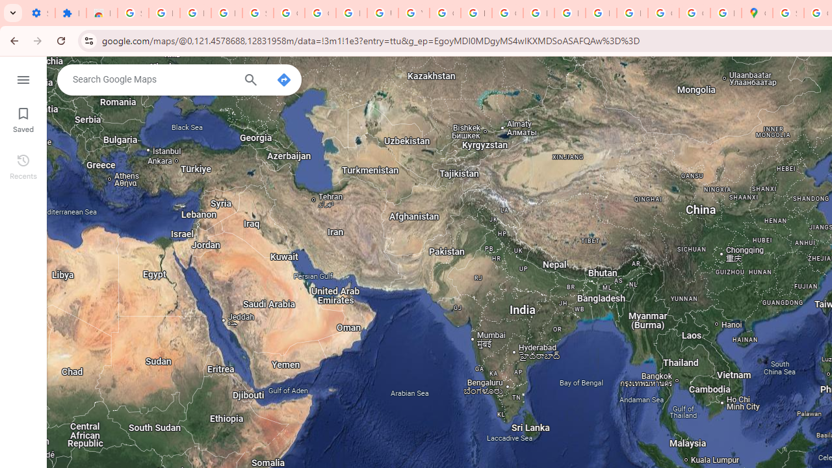 The height and width of the screenshot is (468, 832). I want to click on 'Search tabs', so click(13, 13).